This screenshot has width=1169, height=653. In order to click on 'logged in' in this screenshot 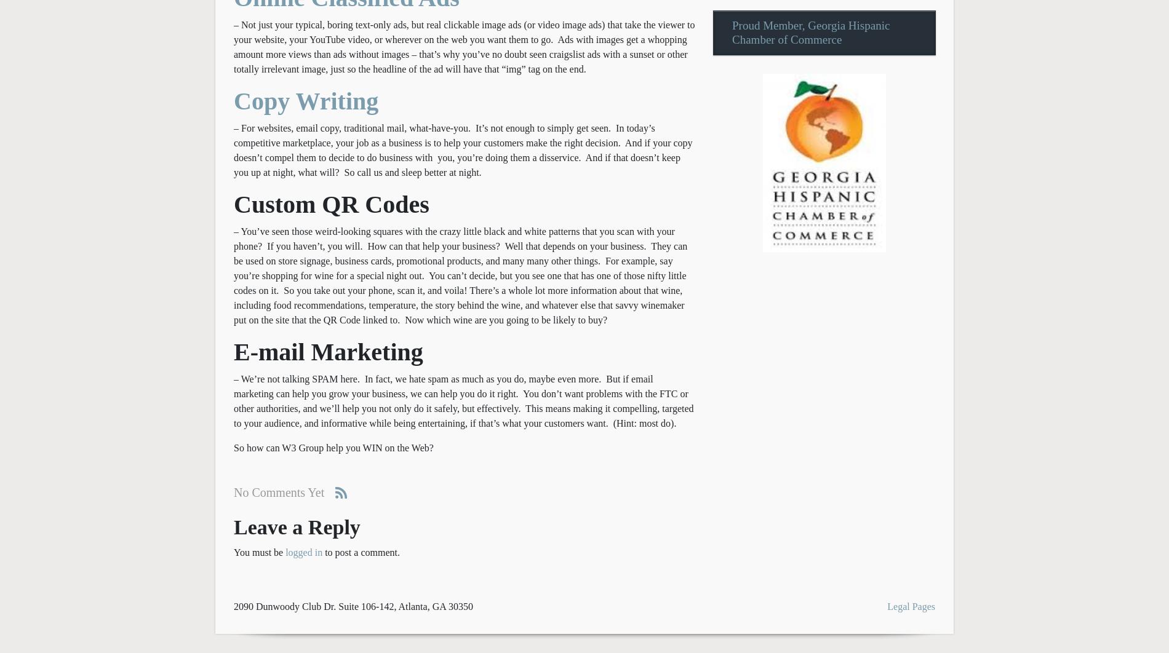, I will do `click(304, 552)`.